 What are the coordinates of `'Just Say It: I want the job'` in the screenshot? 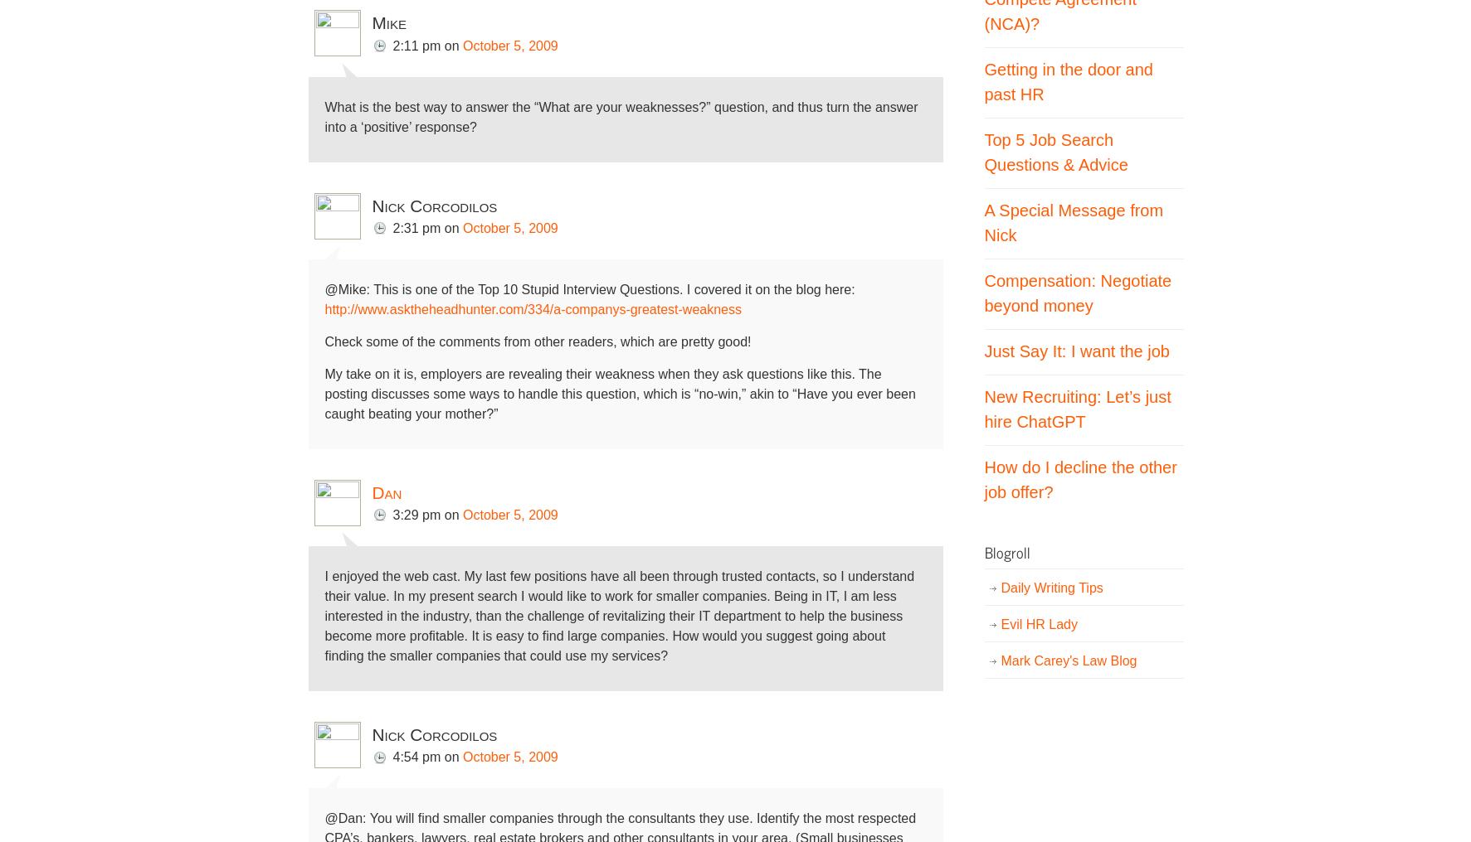 It's located at (1076, 349).